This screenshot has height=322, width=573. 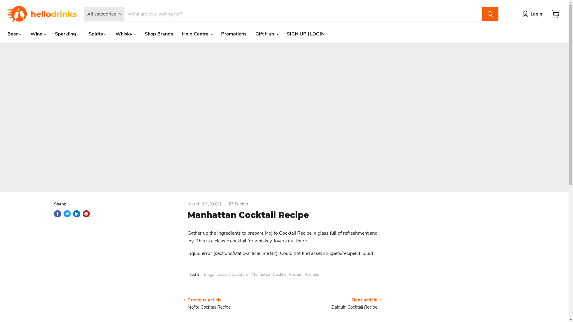 I want to click on 'Share on LinkedIn', so click(x=76, y=213).